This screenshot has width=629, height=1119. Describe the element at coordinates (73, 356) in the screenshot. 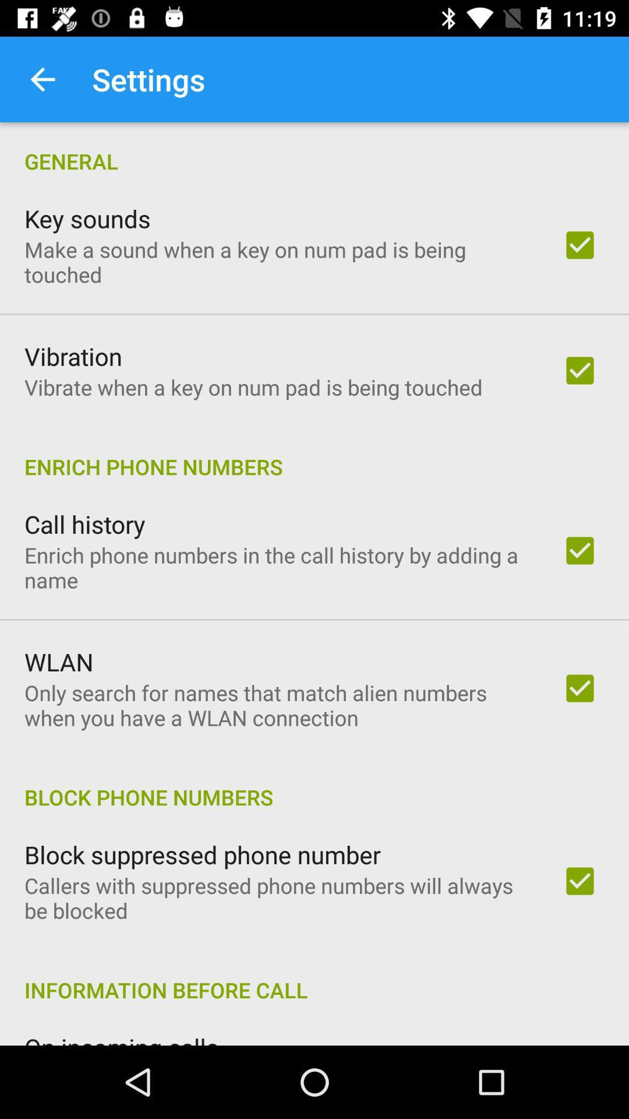

I see `the vibration` at that location.